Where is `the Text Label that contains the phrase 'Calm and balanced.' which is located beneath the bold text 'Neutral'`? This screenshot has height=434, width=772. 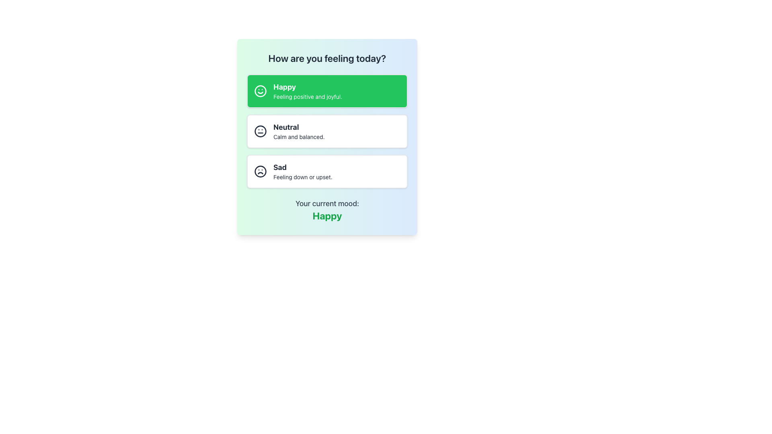
the Text Label that contains the phrase 'Calm and balanced.' which is located beneath the bold text 'Neutral' is located at coordinates (298, 136).